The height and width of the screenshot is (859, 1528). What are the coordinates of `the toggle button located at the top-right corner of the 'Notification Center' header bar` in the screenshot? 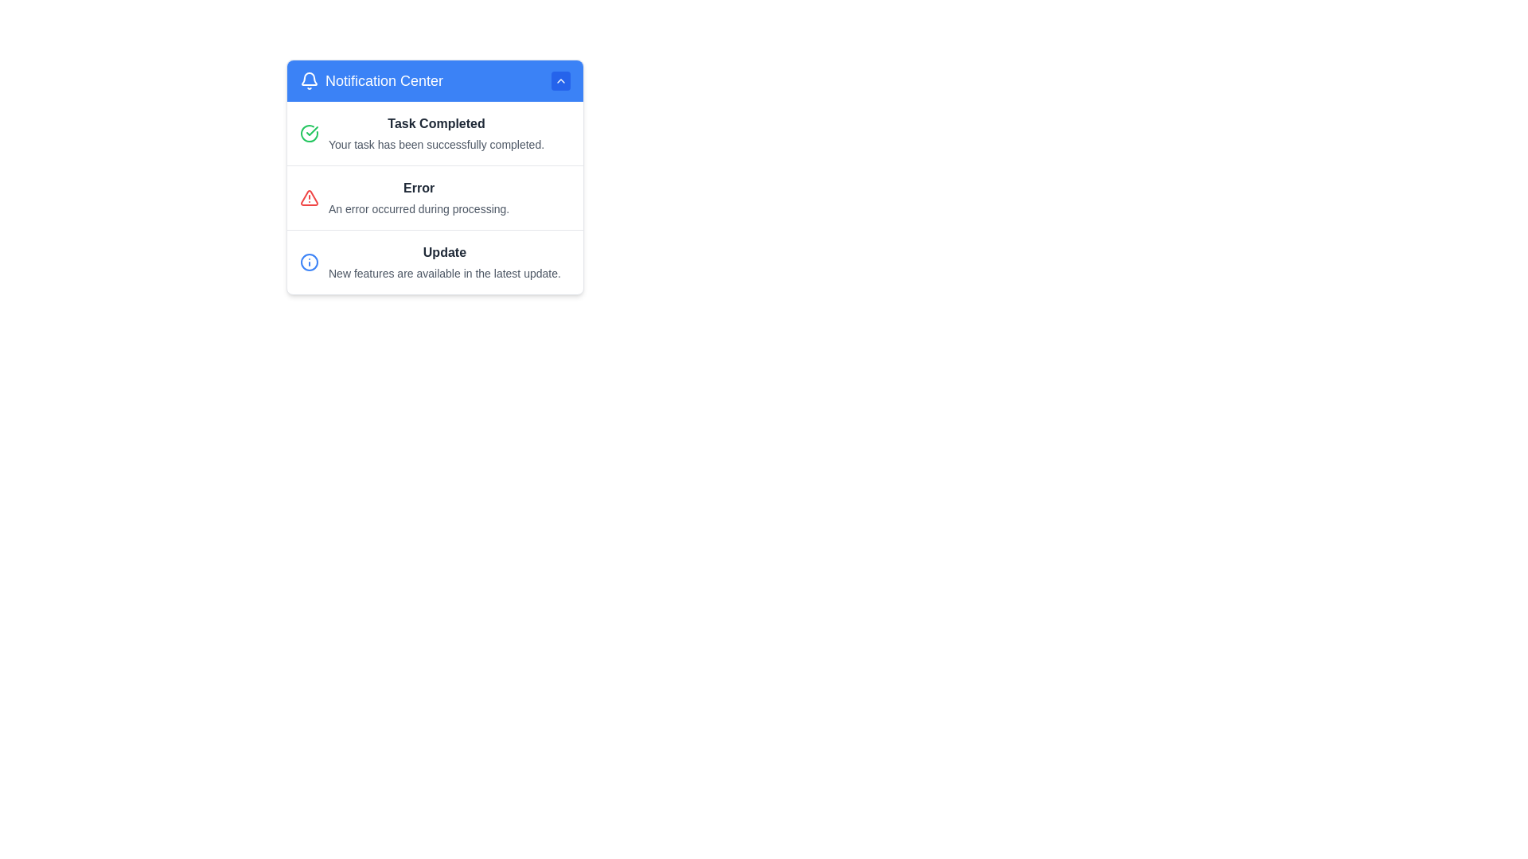 It's located at (561, 80).